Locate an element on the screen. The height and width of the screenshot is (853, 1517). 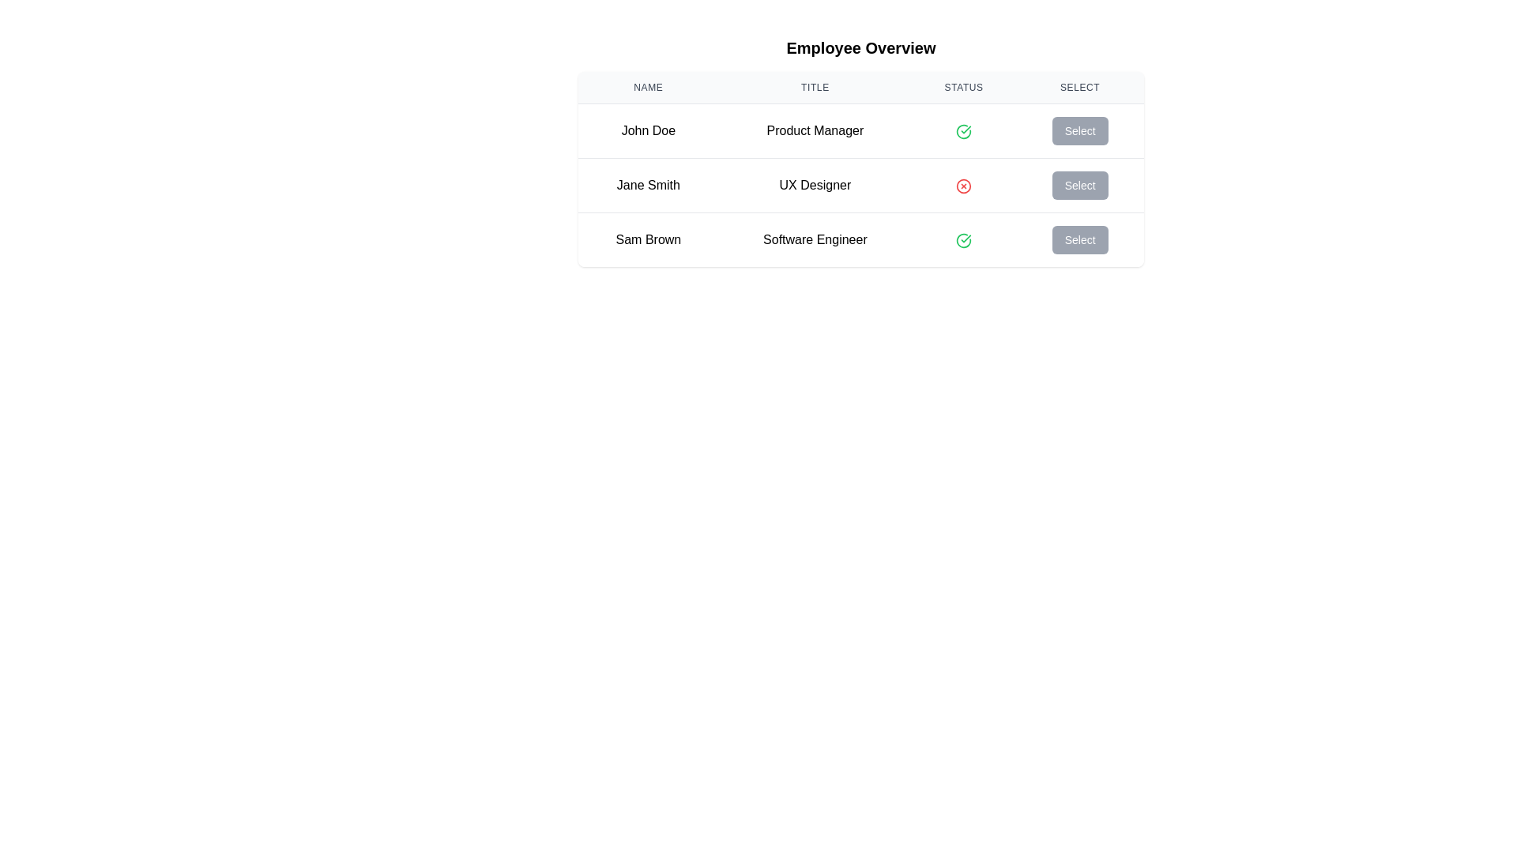
the text label displaying 'Sam Brown' in black font, located in the third entry under the 'NAME' column of the table is located at coordinates (648, 239).